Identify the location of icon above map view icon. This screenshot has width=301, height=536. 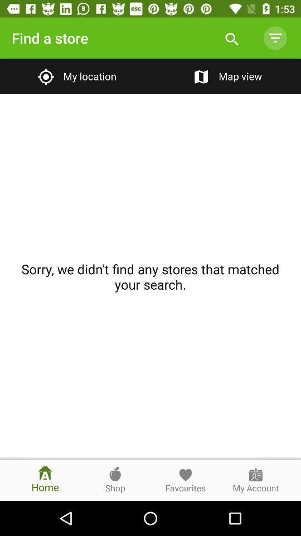
(274, 38).